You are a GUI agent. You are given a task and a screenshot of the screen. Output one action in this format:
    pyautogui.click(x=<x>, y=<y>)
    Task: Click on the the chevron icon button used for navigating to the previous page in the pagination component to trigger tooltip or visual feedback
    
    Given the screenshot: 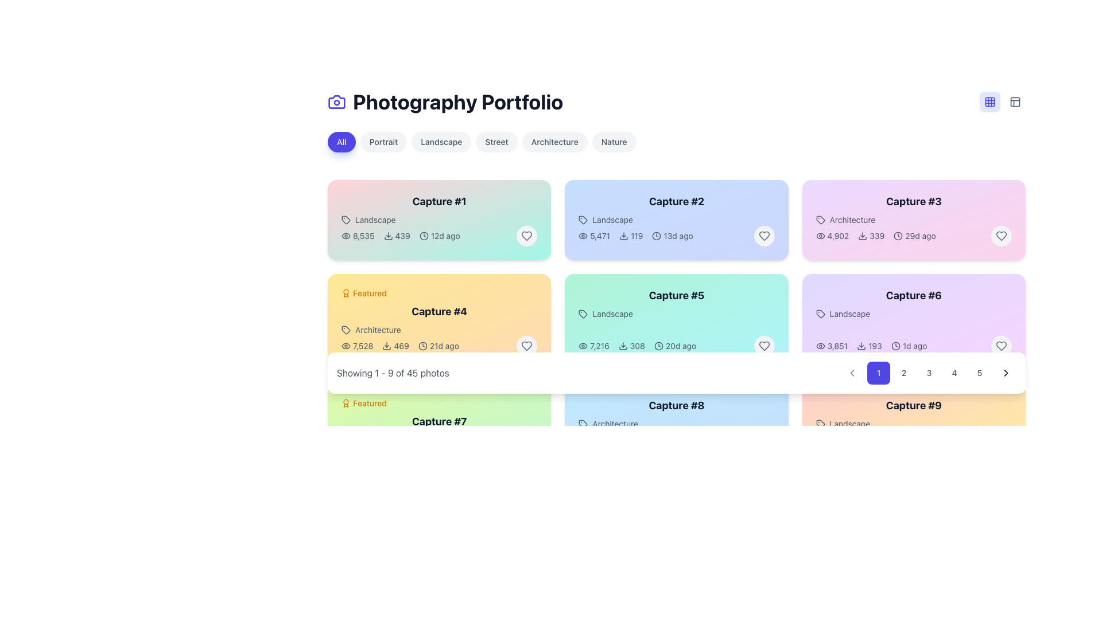 What is the action you would take?
    pyautogui.click(x=852, y=373)
    